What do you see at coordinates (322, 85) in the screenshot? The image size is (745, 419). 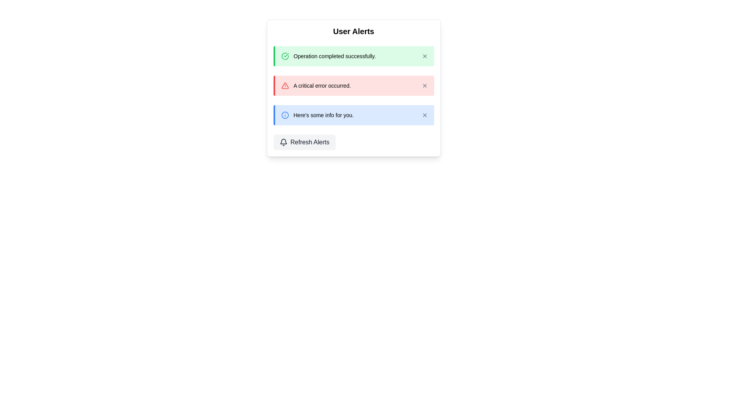 I see `the static text label displaying a critical error message, located to the right of the red error icon in the middle alert of a vertical stack of alerts` at bounding box center [322, 85].